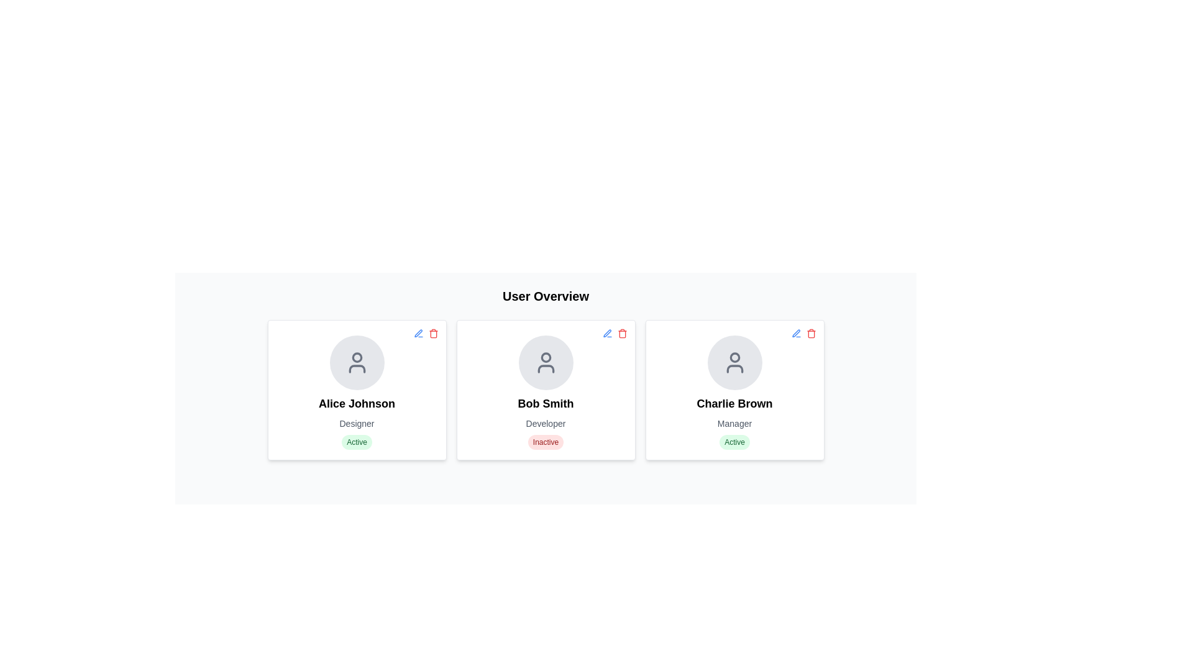 This screenshot has height=671, width=1193. Describe the element at coordinates (418, 332) in the screenshot. I see `the blue pen-shaped icon located at the top right of the card for 'Alice Johnson'` at that location.